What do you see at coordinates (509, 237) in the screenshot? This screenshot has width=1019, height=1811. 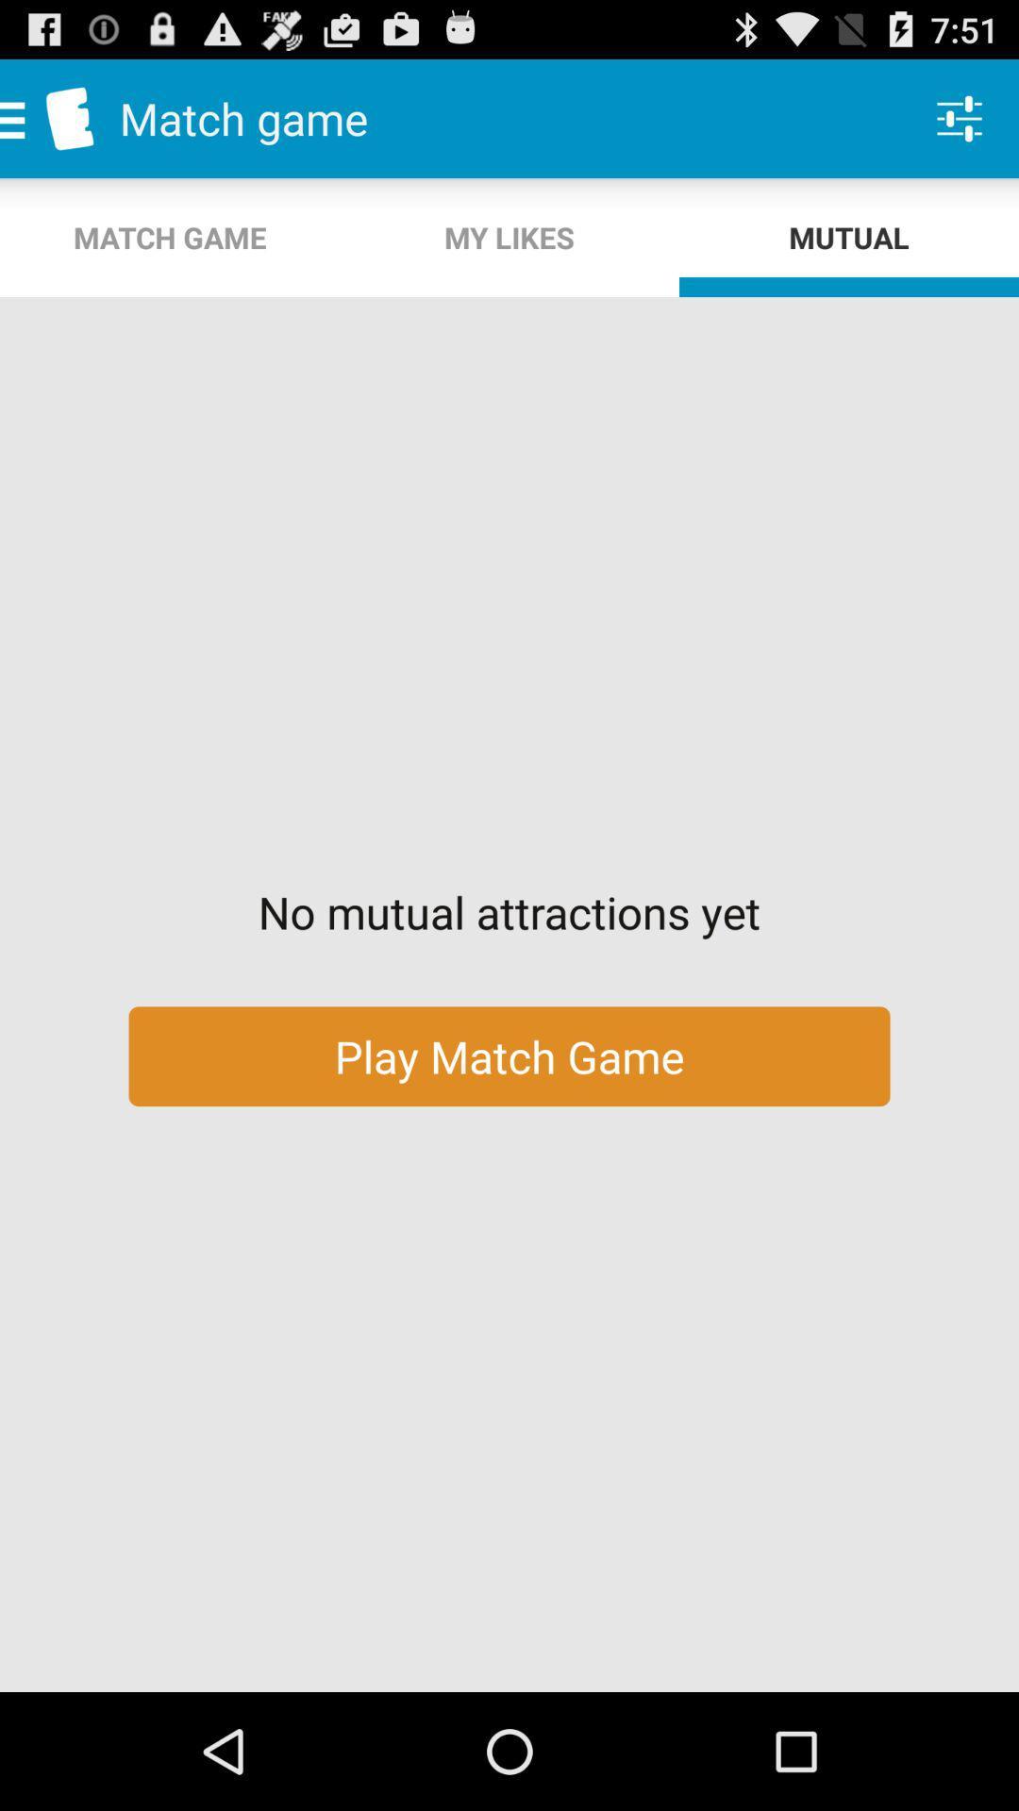 I see `app at the top` at bounding box center [509, 237].